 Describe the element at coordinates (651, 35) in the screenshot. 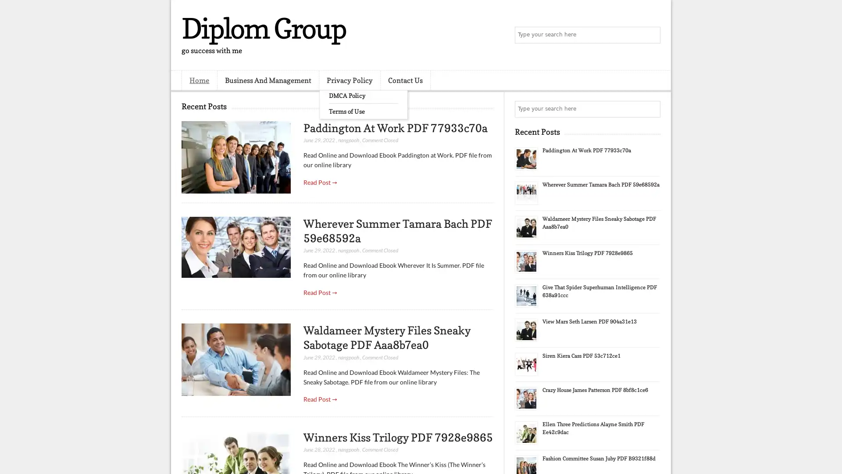

I see `Search` at that location.